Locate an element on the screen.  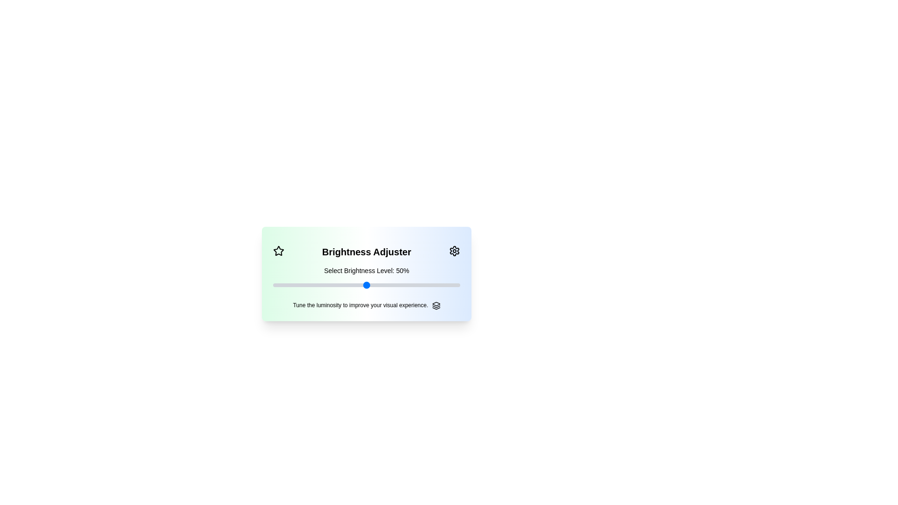
the slider input field using the keyboard is located at coordinates (366, 284).